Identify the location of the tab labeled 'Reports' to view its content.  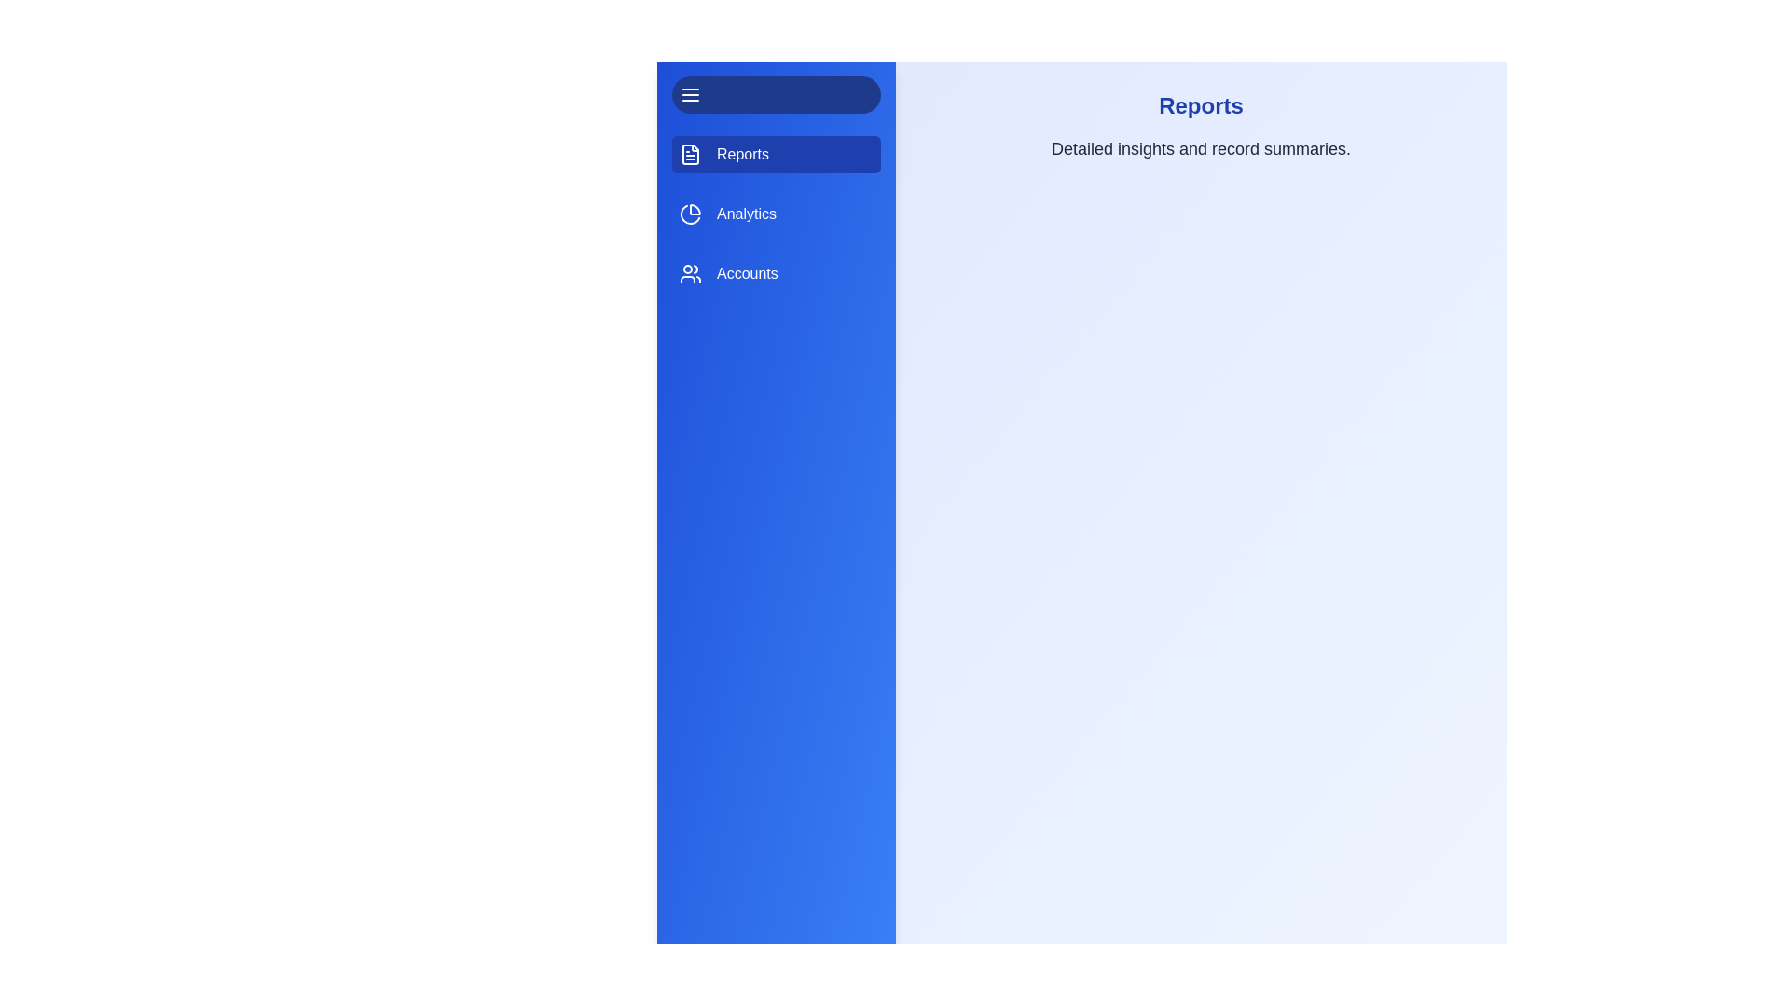
(777, 153).